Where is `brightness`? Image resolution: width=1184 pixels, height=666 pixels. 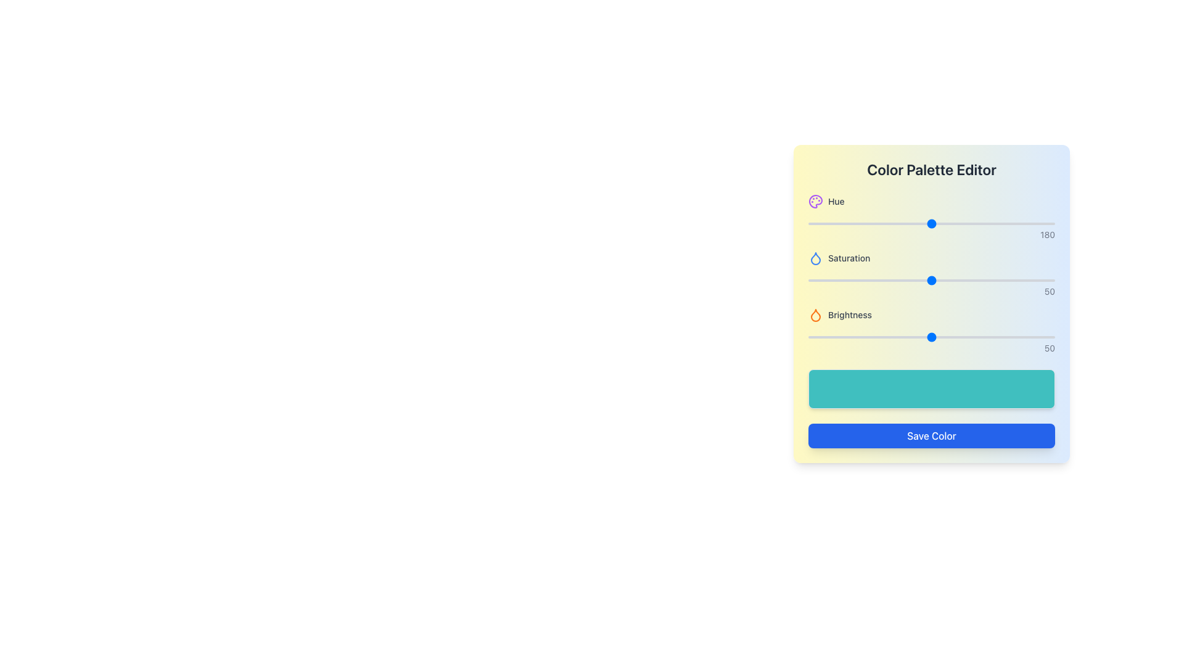 brightness is located at coordinates (953, 337).